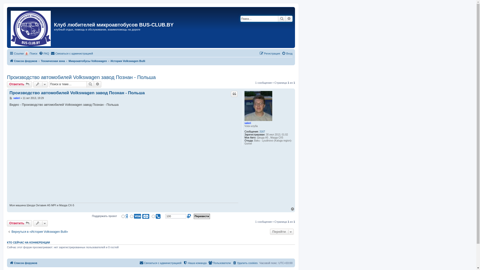  I want to click on '3167', so click(262, 131).